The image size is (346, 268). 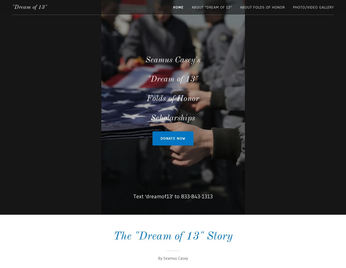 I want to click on 'About "Dream of 13"', so click(x=212, y=7).